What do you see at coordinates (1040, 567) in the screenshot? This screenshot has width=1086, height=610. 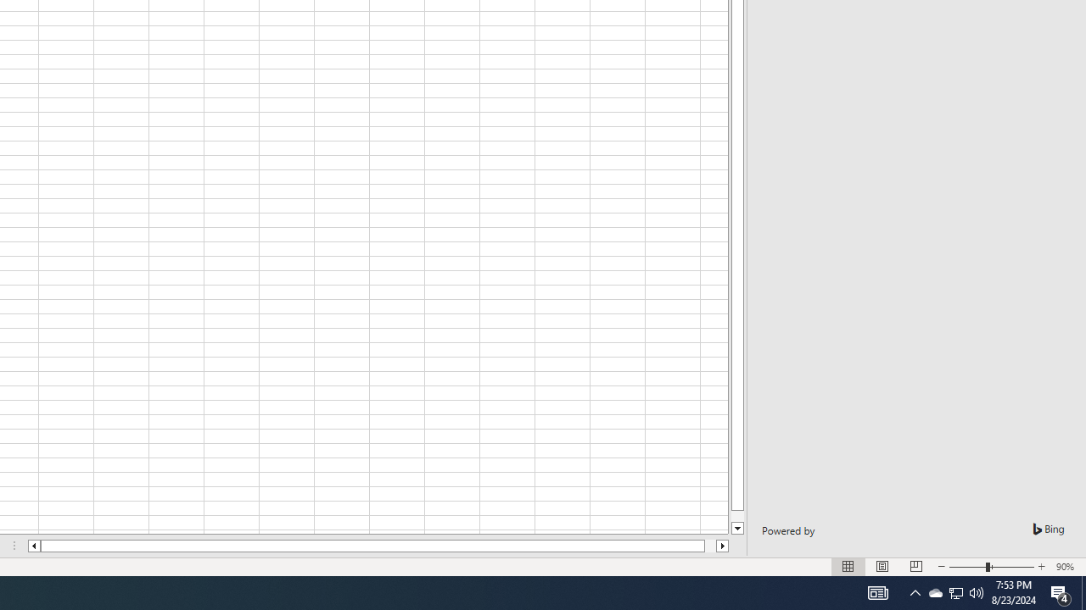 I see `'Zoom In'` at bounding box center [1040, 567].